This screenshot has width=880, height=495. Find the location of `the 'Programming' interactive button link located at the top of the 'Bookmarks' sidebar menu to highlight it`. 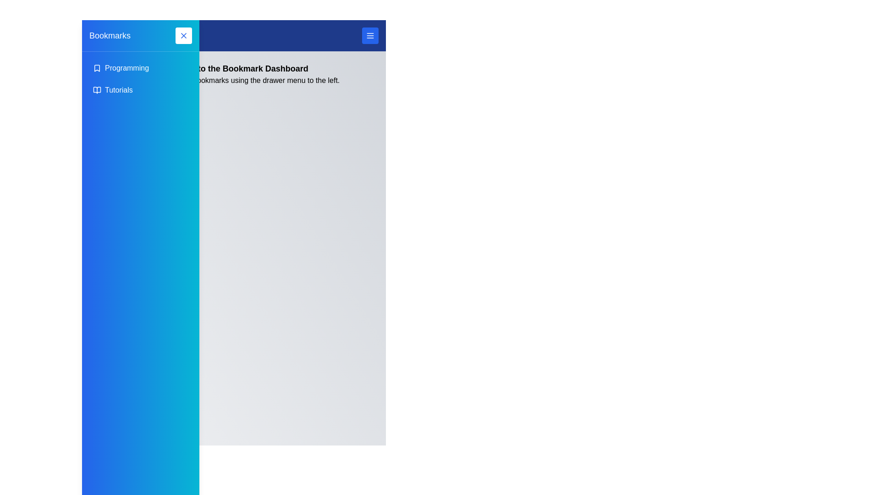

the 'Programming' interactive button link located at the top of the 'Bookmarks' sidebar menu to highlight it is located at coordinates (140, 68).